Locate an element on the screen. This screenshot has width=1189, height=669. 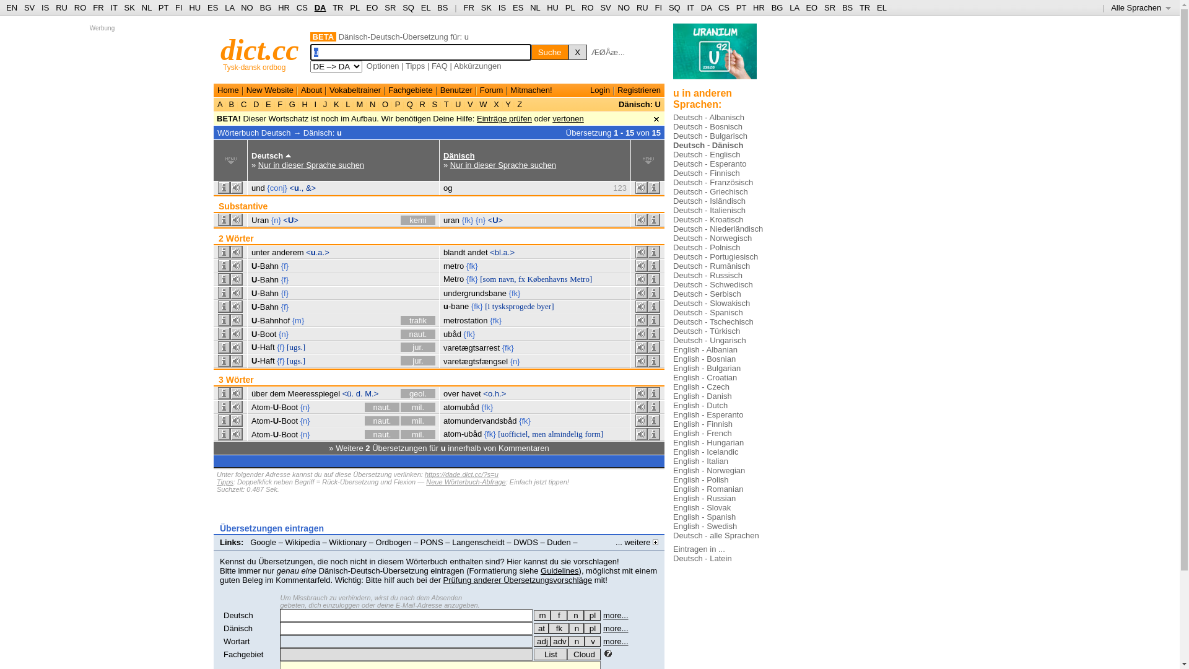
'Deutsch - Finnisch' is located at coordinates (707, 173).